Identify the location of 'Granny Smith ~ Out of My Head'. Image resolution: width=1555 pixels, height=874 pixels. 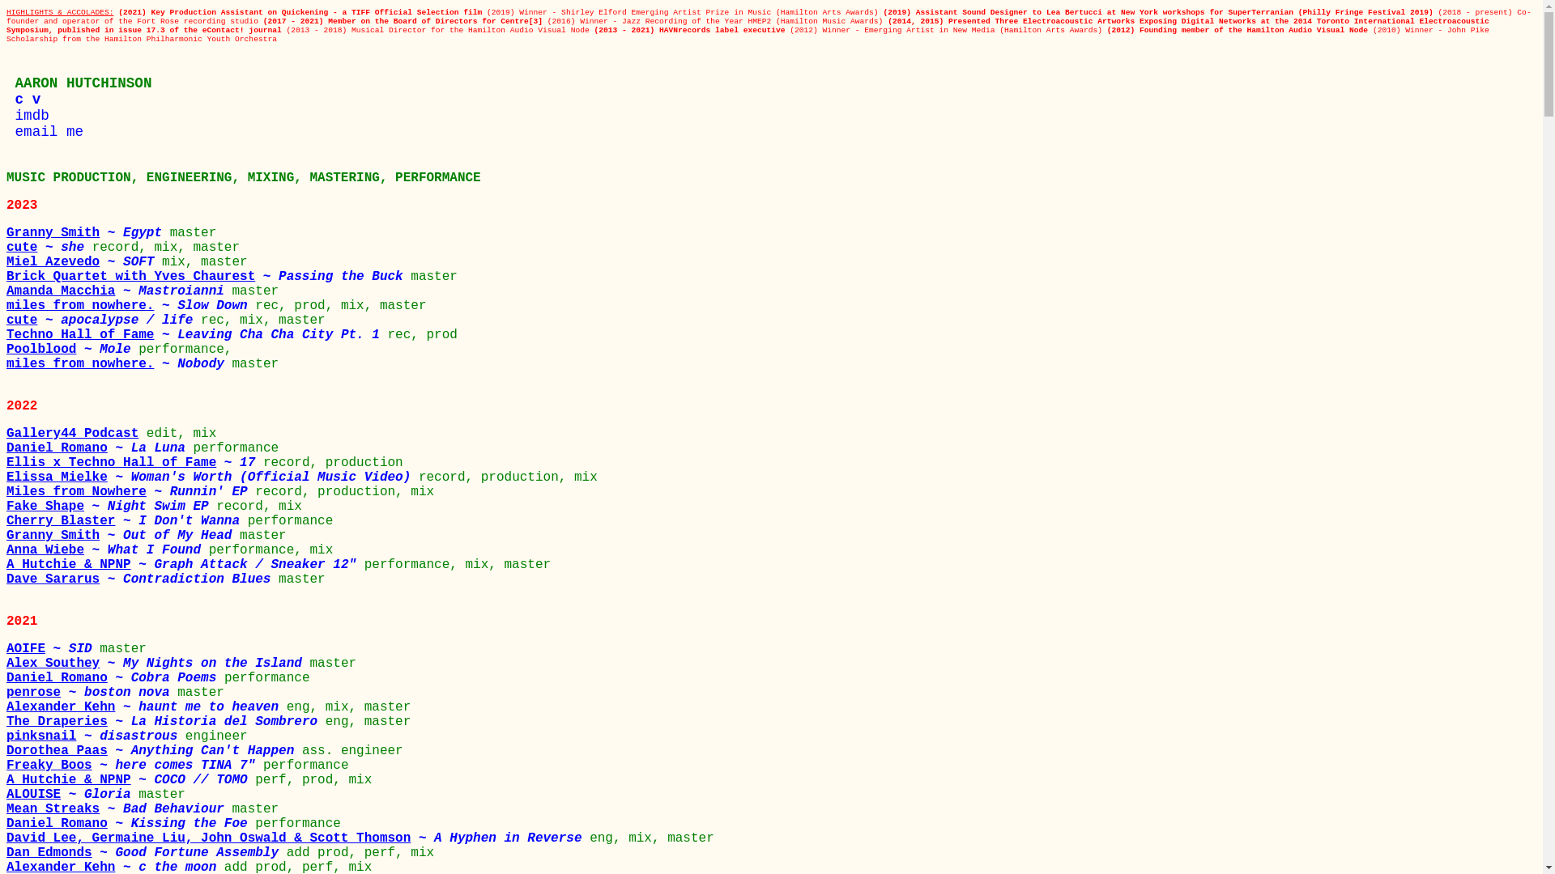
(122, 536).